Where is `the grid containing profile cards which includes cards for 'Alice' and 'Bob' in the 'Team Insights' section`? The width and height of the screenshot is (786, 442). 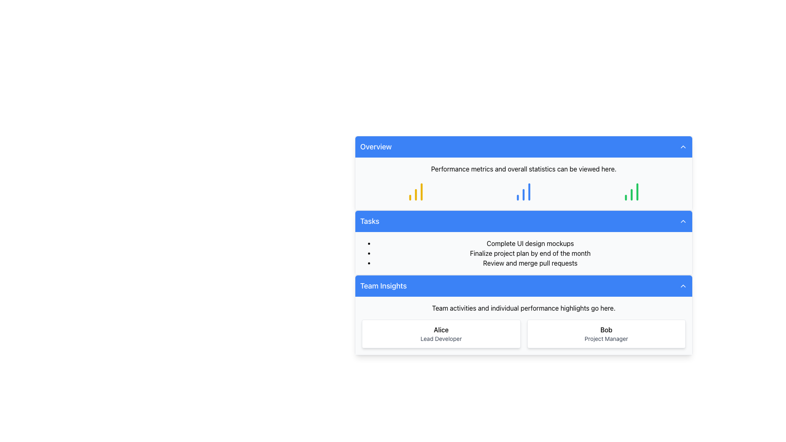
the grid containing profile cards which includes cards for 'Alice' and 'Bob' in the 'Team Insights' section is located at coordinates (523, 334).